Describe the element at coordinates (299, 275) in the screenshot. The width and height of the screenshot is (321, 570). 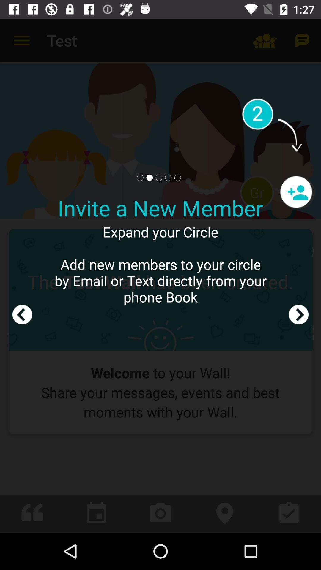
I see `next instruction` at that location.